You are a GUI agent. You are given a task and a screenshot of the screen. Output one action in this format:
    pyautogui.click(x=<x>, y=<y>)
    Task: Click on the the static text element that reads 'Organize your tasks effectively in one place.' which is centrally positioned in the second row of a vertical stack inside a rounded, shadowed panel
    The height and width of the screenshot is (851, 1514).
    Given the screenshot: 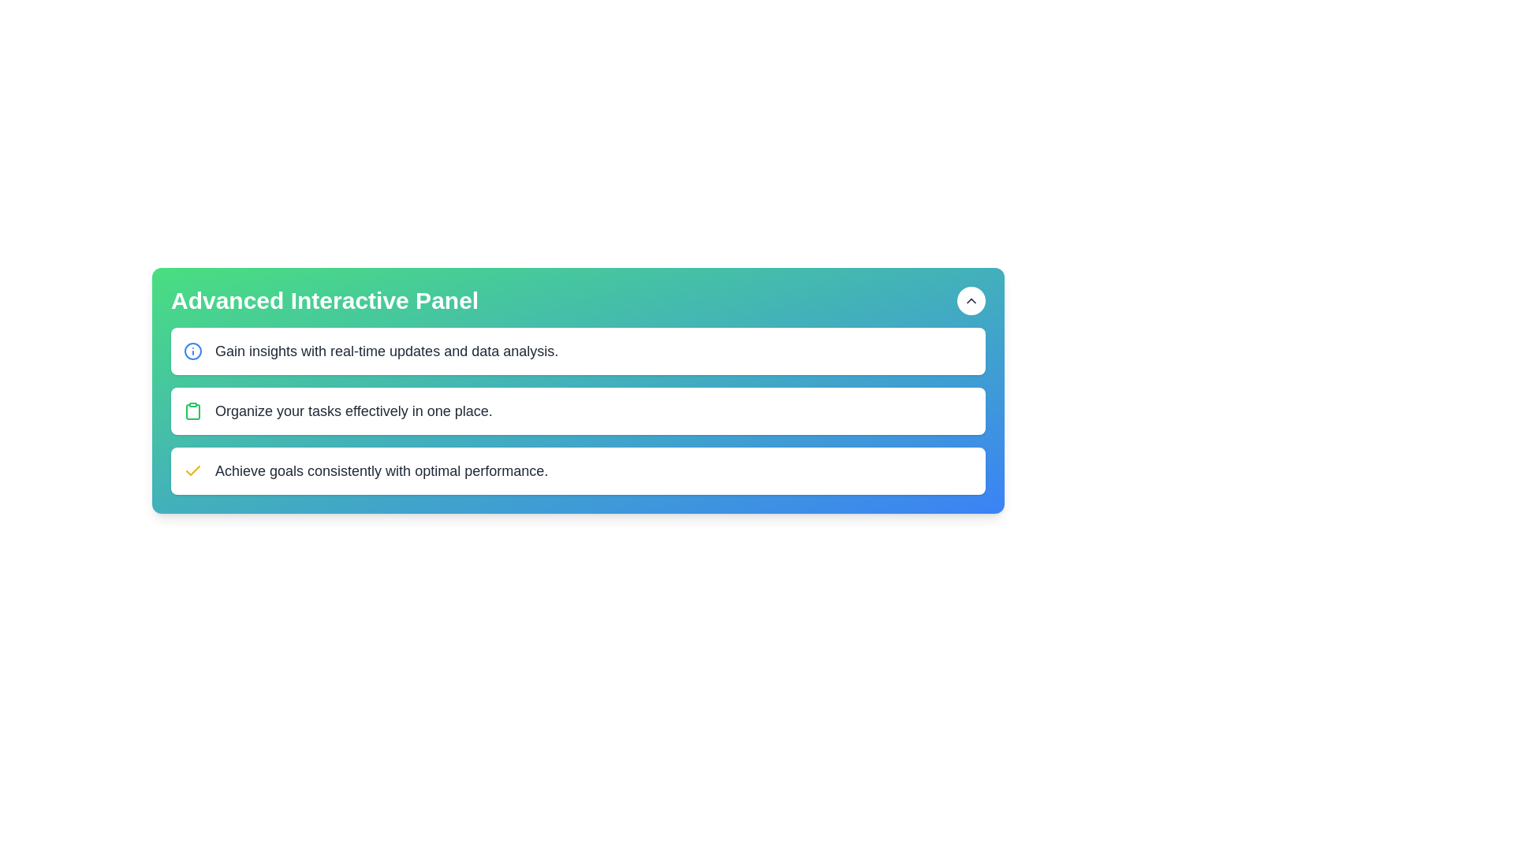 What is the action you would take?
    pyautogui.click(x=352, y=410)
    